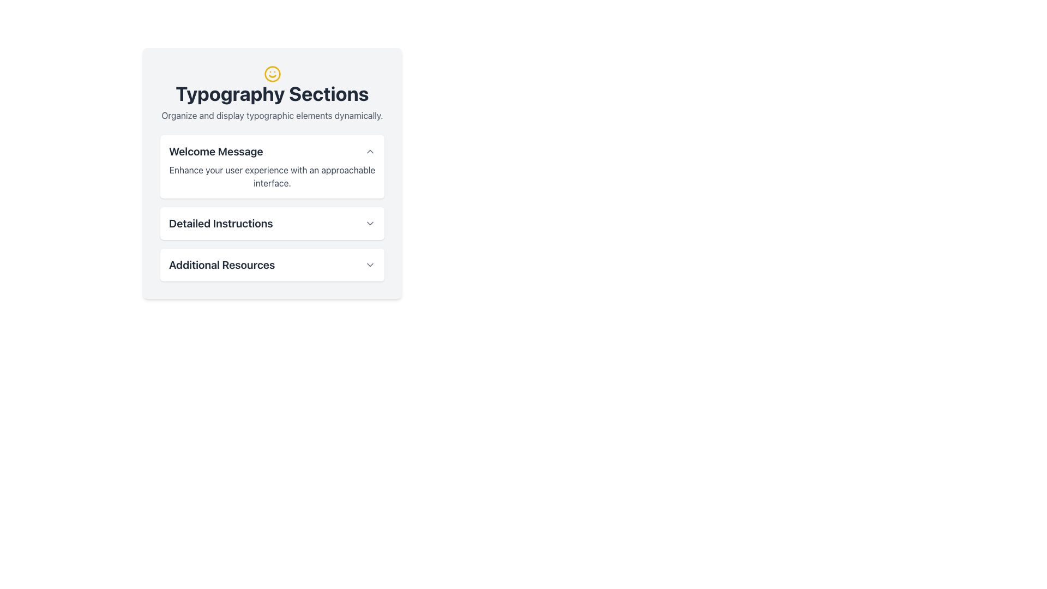  I want to click on the upward-pointing gray chevron icon located in the upper-right corner of the 'Welcome Message' header, so click(370, 151).